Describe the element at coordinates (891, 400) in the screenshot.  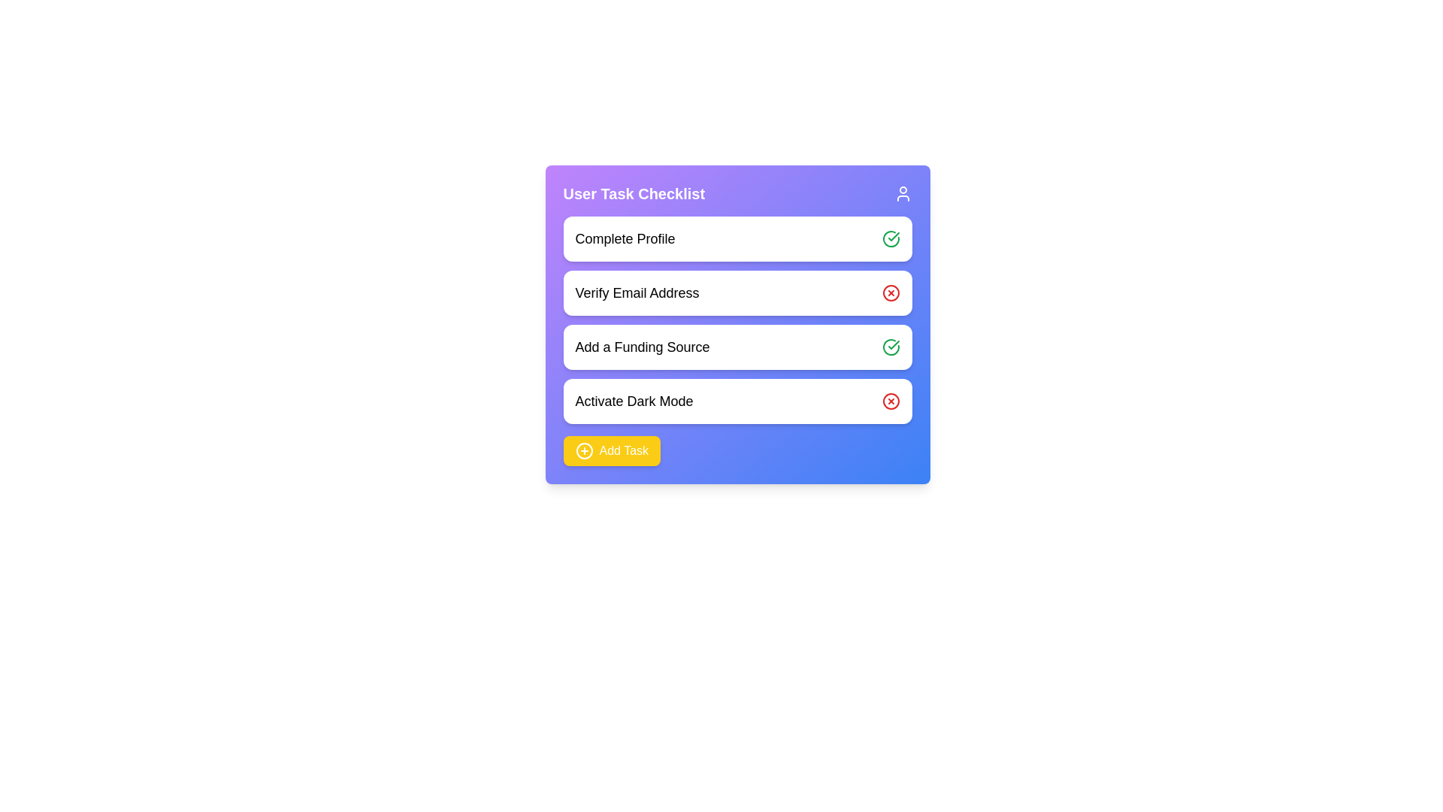
I see `the SVG Icon that represents a failed or negative state, located in the fourth row of the checklist, to the right of the 'Activate Dark Mode' label` at that location.